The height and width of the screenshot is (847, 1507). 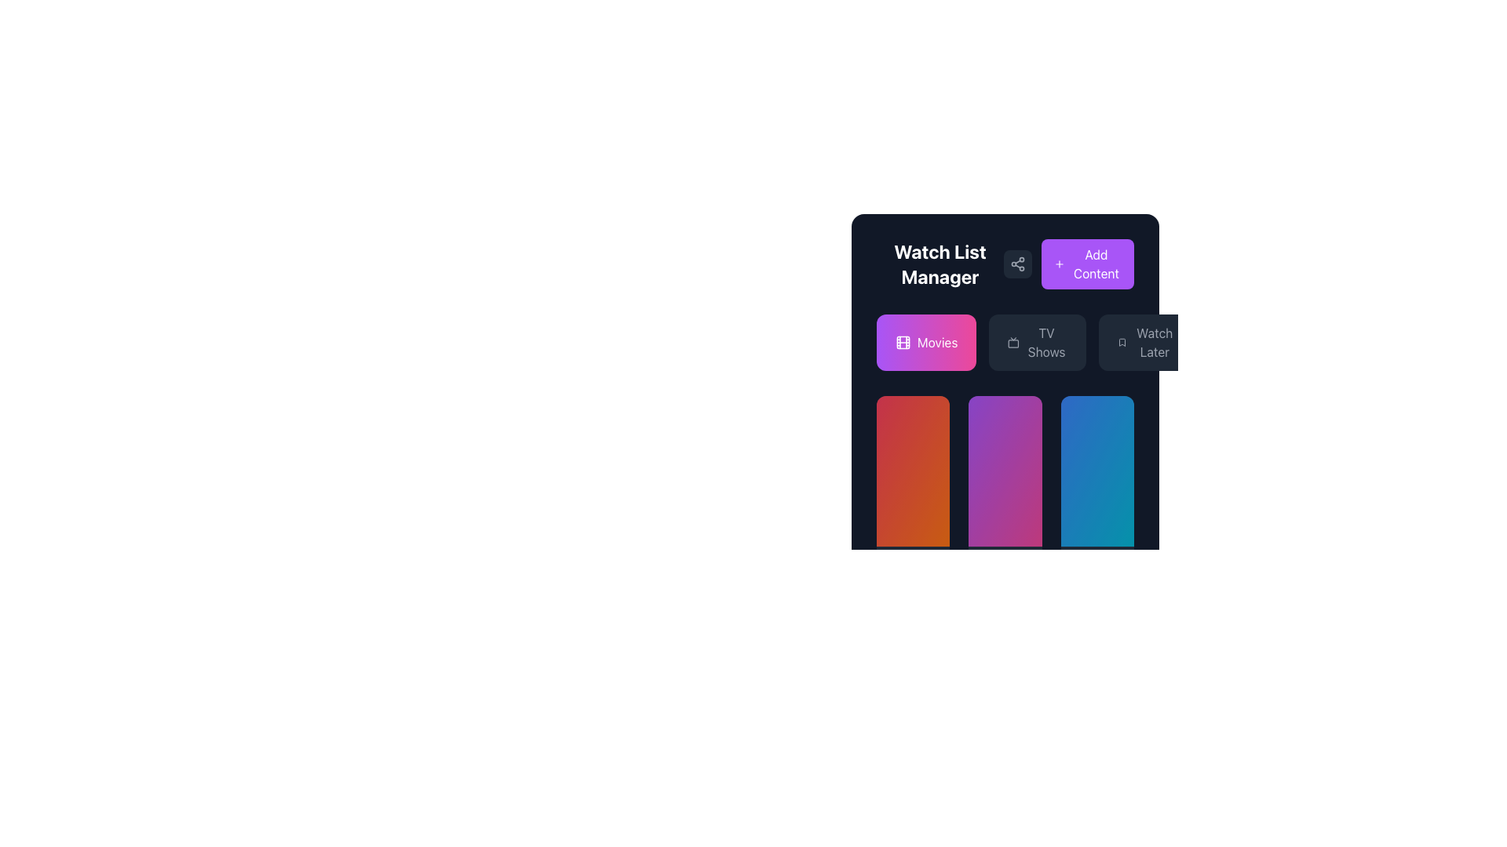 What do you see at coordinates (1005, 341) in the screenshot?
I see `the second button in the row beneath the 'Watch List Manager' heading` at bounding box center [1005, 341].